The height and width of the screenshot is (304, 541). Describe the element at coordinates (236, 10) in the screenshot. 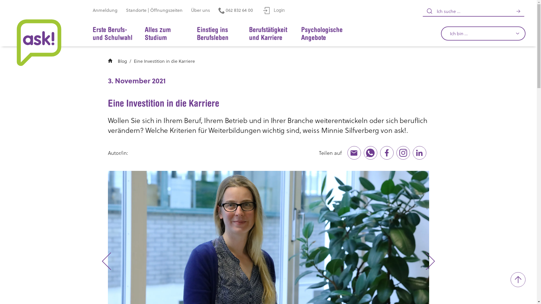

I see `'062 832 64 00'` at that location.